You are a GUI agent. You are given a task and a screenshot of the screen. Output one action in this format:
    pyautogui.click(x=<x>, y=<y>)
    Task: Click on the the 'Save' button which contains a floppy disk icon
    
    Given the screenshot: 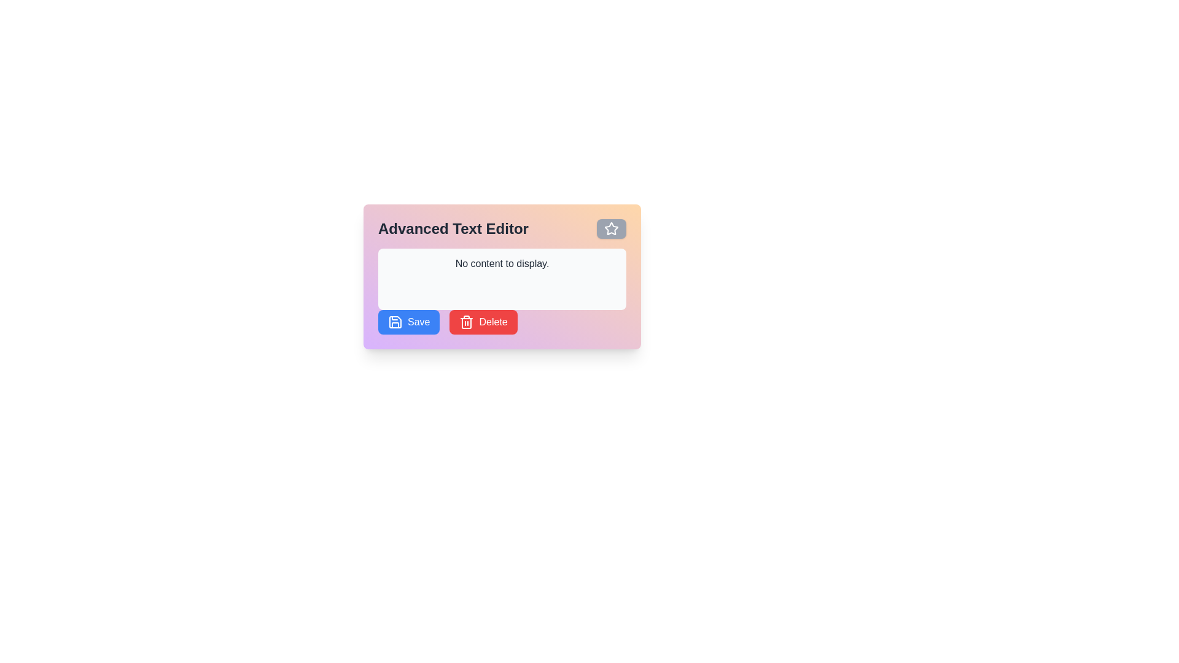 What is the action you would take?
    pyautogui.click(x=395, y=321)
    